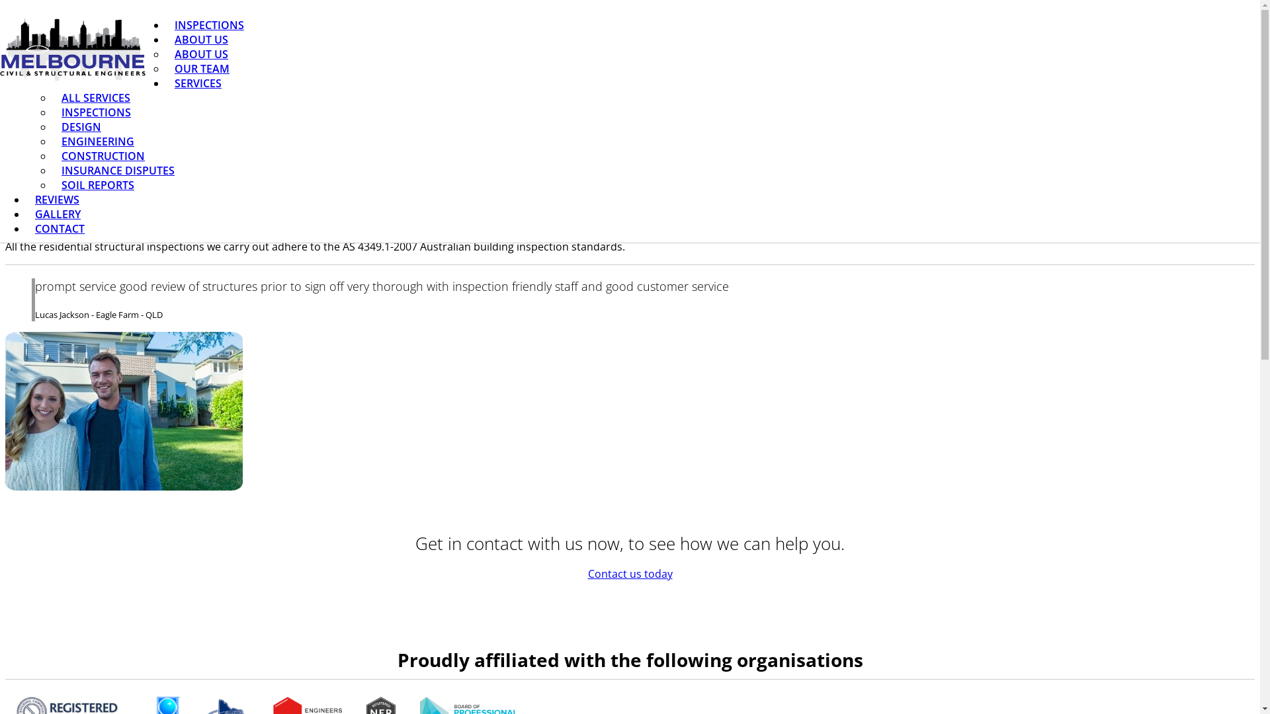 The height and width of the screenshot is (714, 1270). Describe the element at coordinates (124, 410) in the screenshot. I see `'PrePurchase Inspections'` at that location.